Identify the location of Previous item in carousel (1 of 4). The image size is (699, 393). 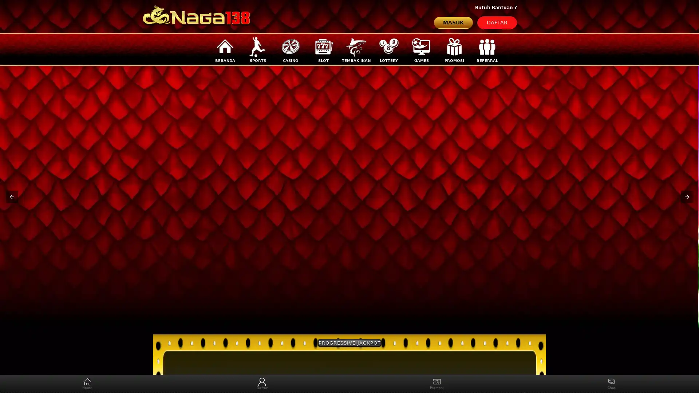
(12, 196).